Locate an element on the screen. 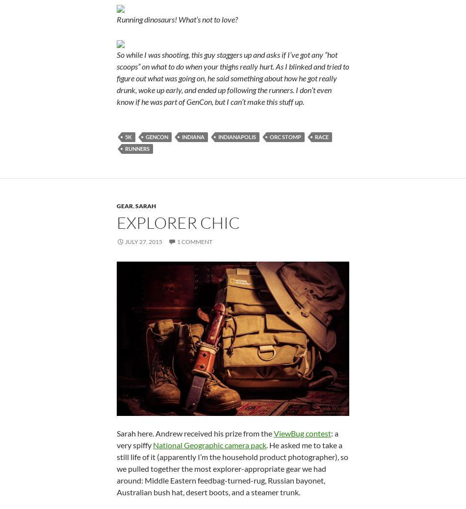  ',' is located at coordinates (132, 205).